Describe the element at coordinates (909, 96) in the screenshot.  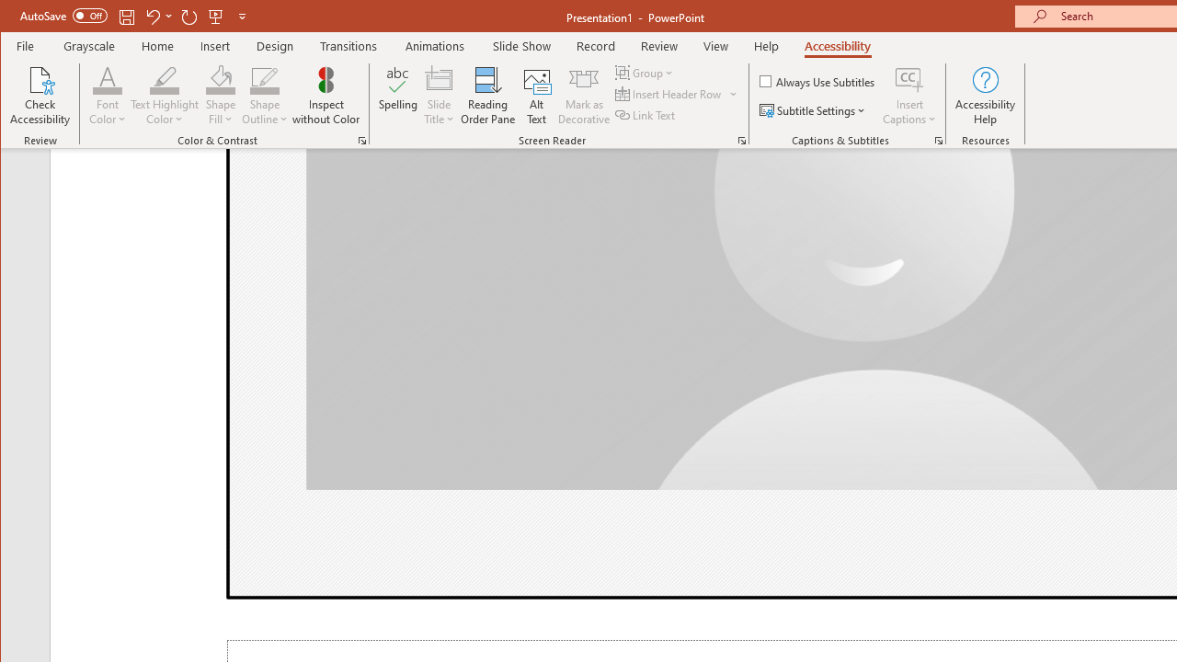
I see `'Insert Captions'` at that location.